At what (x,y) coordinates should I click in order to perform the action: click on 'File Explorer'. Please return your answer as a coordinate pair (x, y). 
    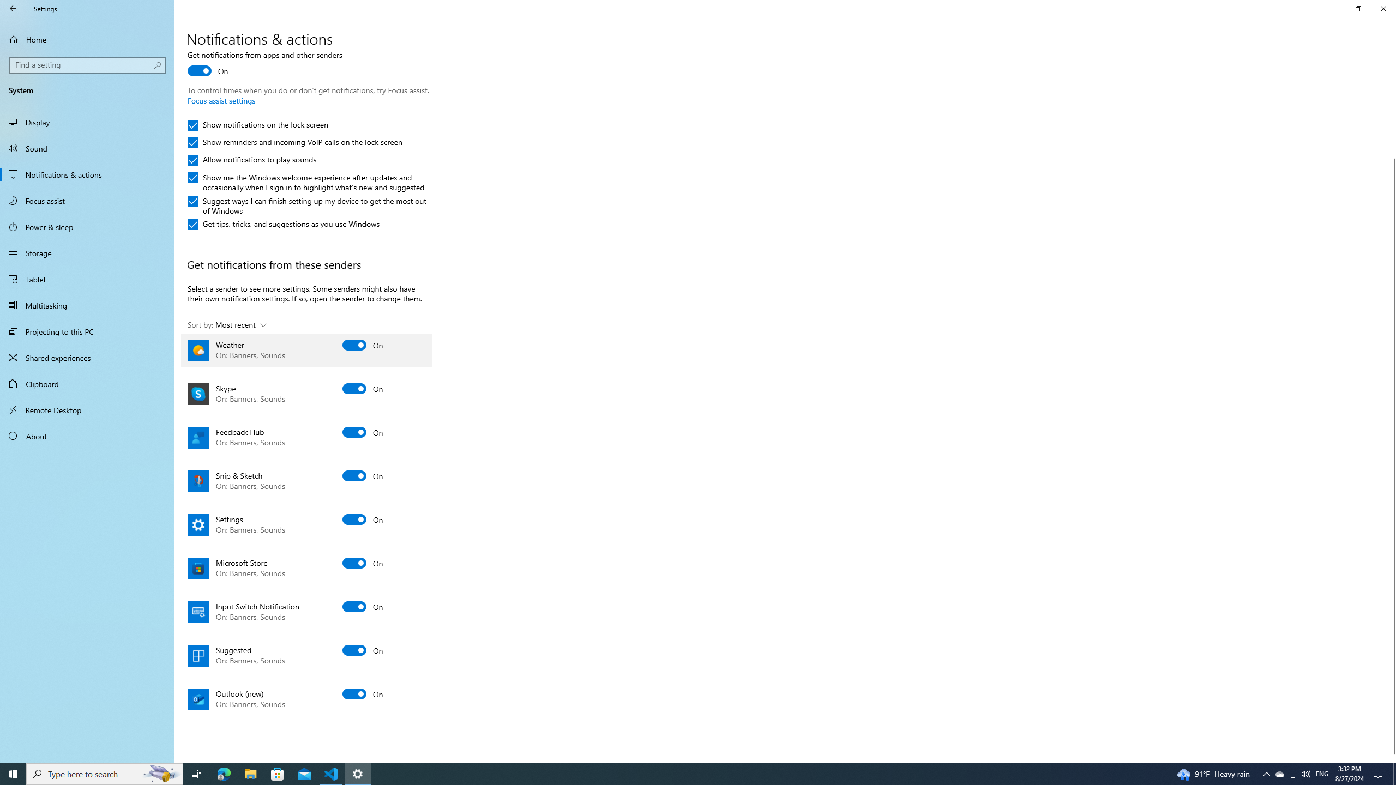
    Looking at the image, I should click on (250, 773).